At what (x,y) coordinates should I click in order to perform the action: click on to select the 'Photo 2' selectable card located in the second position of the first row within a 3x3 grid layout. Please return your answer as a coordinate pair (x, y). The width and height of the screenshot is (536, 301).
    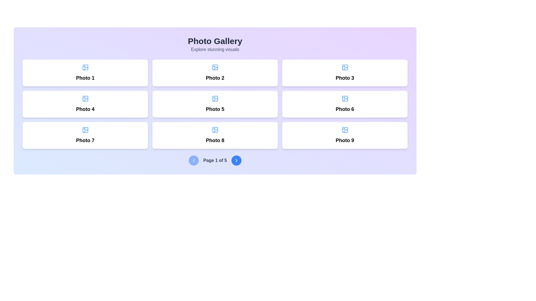
    Looking at the image, I should click on (215, 73).